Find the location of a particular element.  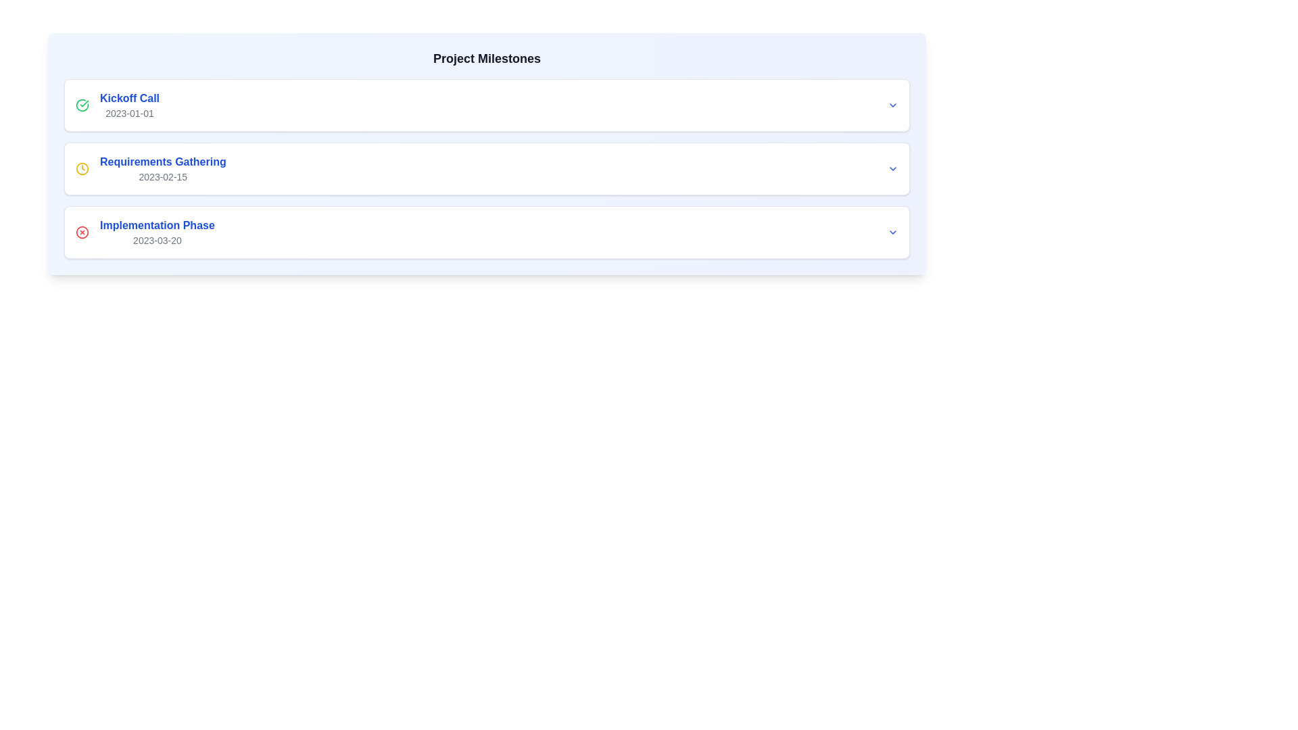

bold text label 'Implementation Phase' styled in blue, positioned as the title of the third milestone item in the project milestones list is located at coordinates (157, 225).